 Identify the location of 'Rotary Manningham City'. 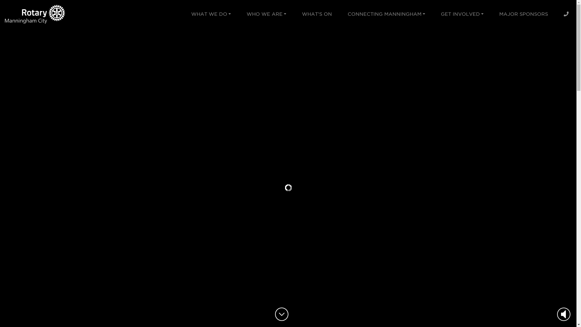
(34, 14).